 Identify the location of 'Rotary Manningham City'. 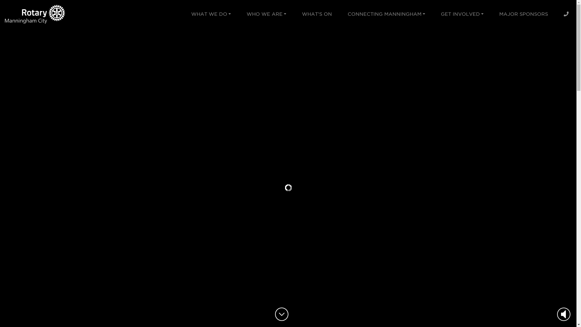
(34, 14).